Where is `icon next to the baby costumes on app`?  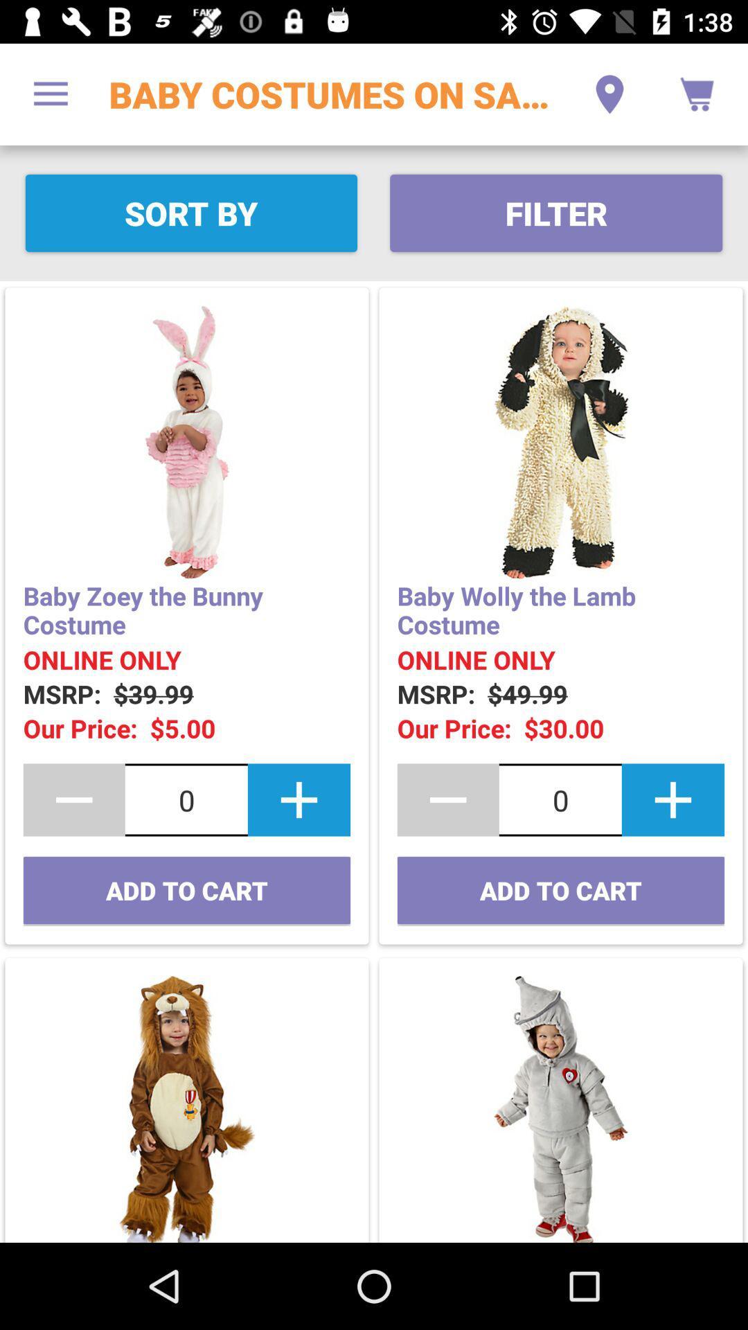
icon next to the baby costumes on app is located at coordinates (609, 94).